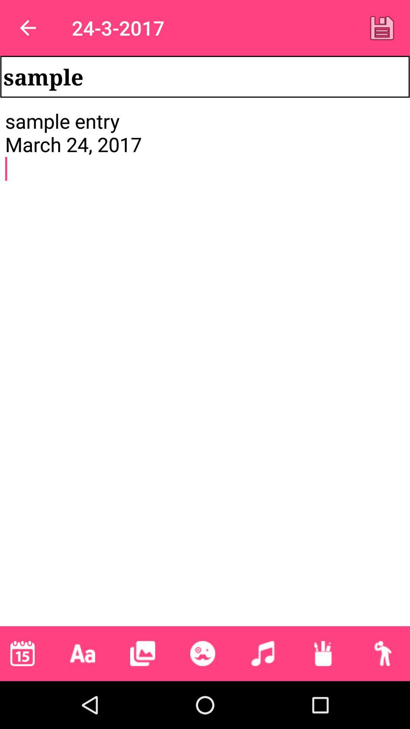 Image resolution: width=410 pixels, height=729 pixels. Describe the element at coordinates (82, 653) in the screenshot. I see `text to the note` at that location.